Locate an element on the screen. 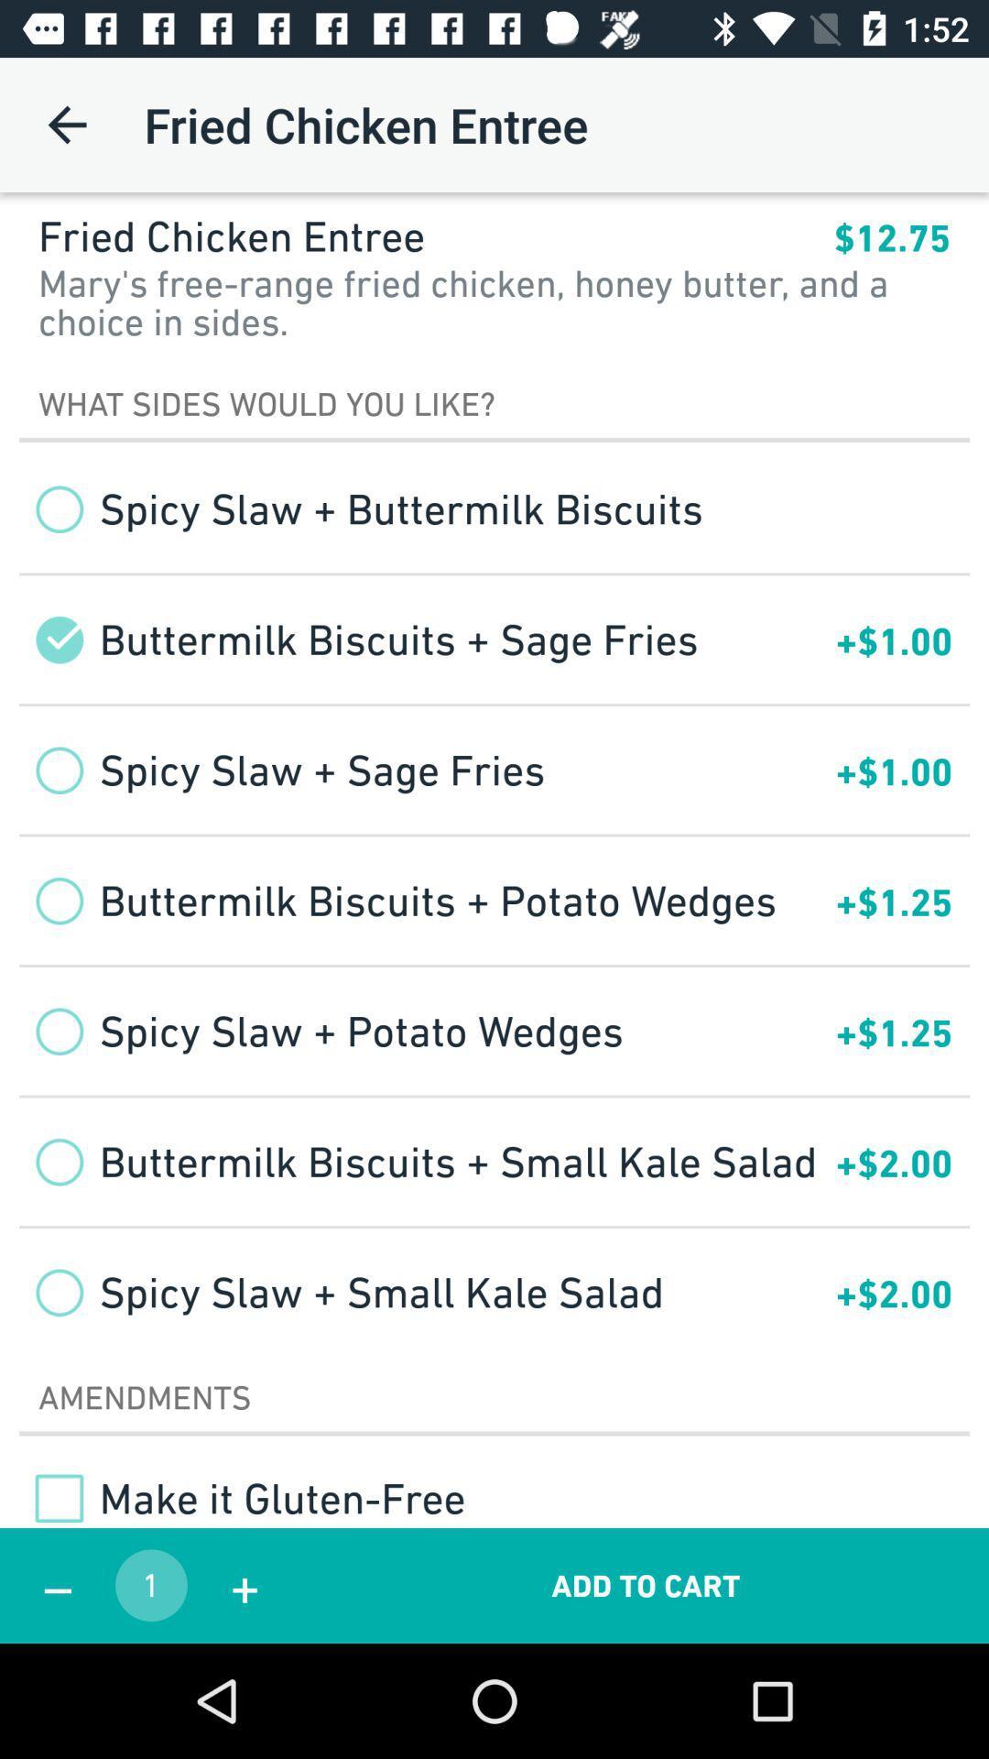 Image resolution: width=989 pixels, height=1759 pixels. make it gluten icon is located at coordinates (241, 1498).